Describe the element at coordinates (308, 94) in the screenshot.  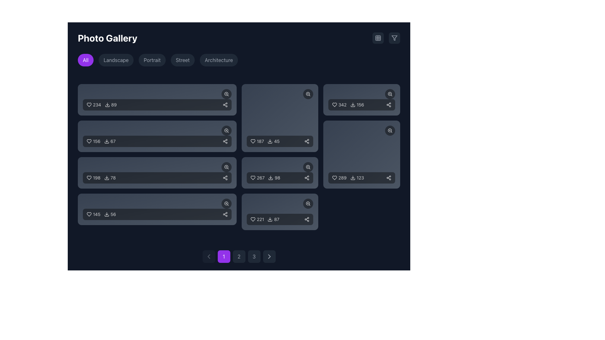
I see `the zoom icon located in the top-right corner of the rectangular card in the second column, second row of the grid` at that location.